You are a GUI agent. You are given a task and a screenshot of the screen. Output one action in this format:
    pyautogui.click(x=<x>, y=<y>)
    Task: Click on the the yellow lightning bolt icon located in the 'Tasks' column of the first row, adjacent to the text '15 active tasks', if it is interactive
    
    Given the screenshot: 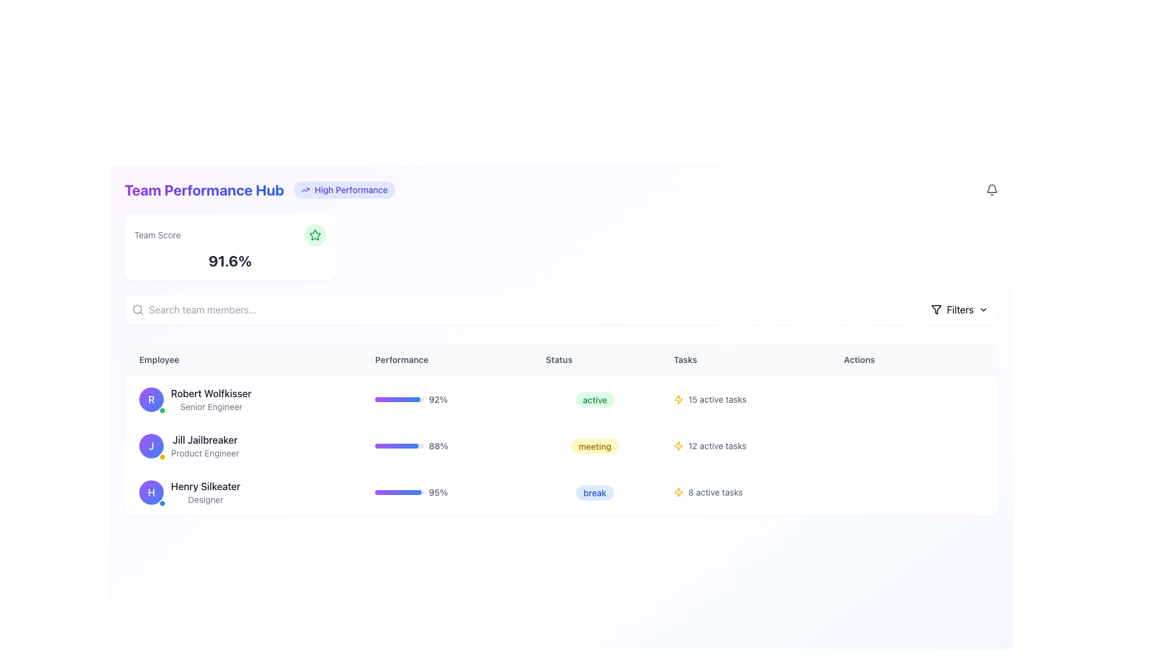 What is the action you would take?
    pyautogui.click(x=678, y=492)
    